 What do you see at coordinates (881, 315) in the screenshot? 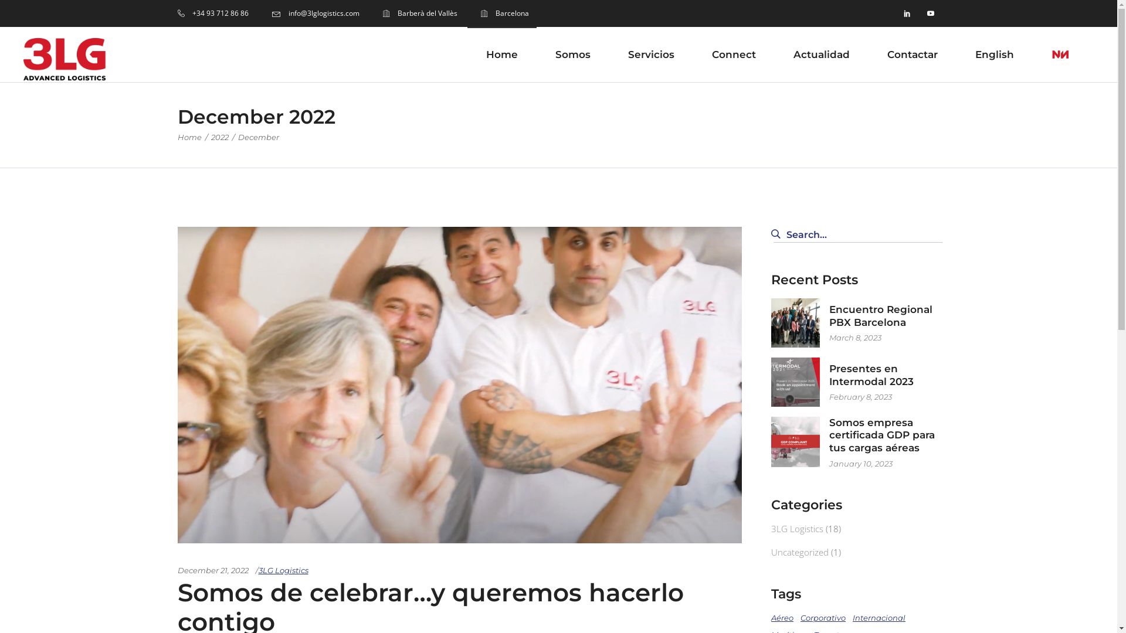
I see `'Encuentro Regional PBX Barcelona'` at bounding box center [881, 315].